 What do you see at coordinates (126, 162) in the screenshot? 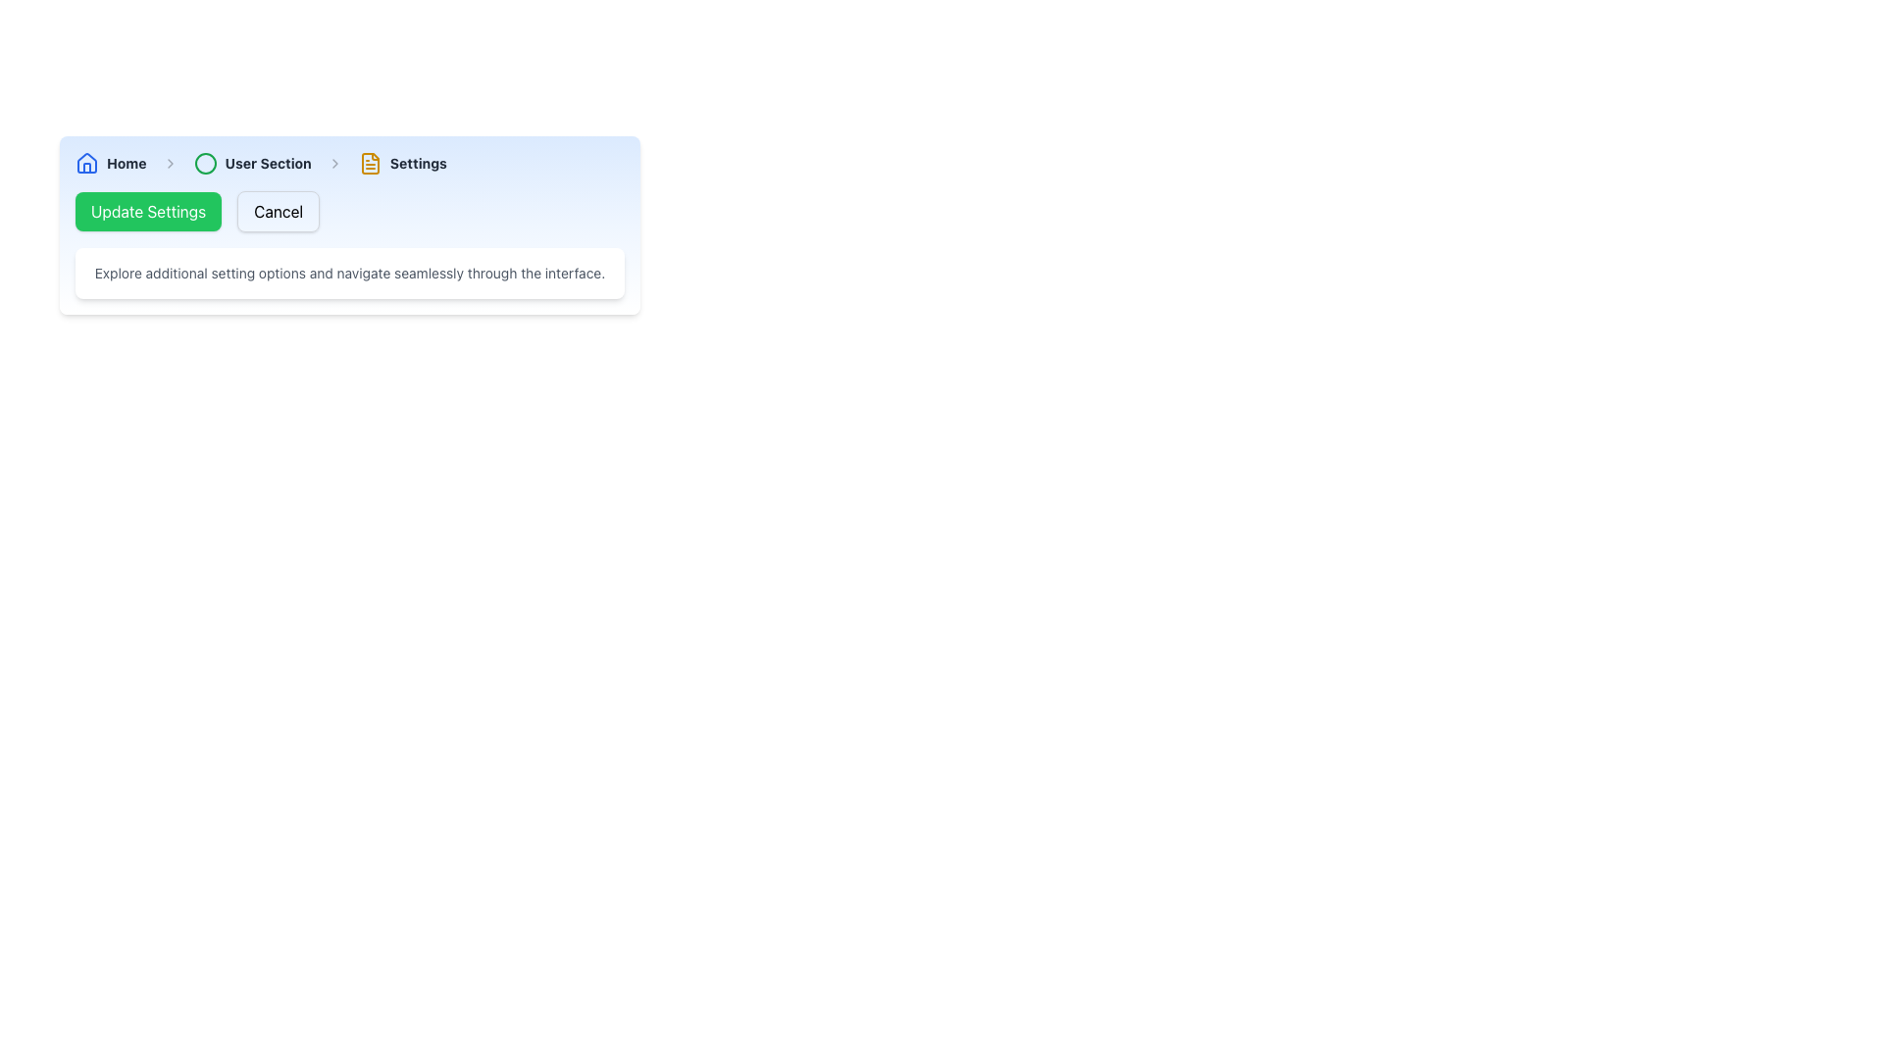
I see `the 'Home' text label that is styled in bold grey font and positioned to the right of a house icon in the breadcrumb navigation` at bounding box center [126, 162].